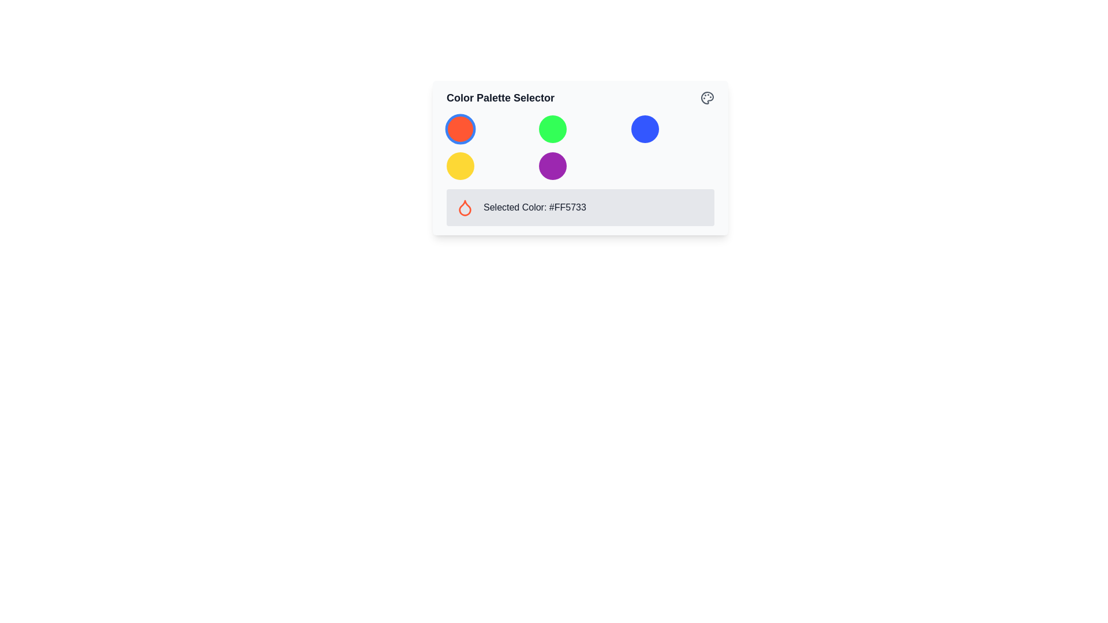 Image resolution: width=1108 pixels, height=623 pixels. Describe the element at coordinates (706, 97) in the screenshot. I see `the color palette options icon located in the top-right corner of the color palette interface card` at that location.